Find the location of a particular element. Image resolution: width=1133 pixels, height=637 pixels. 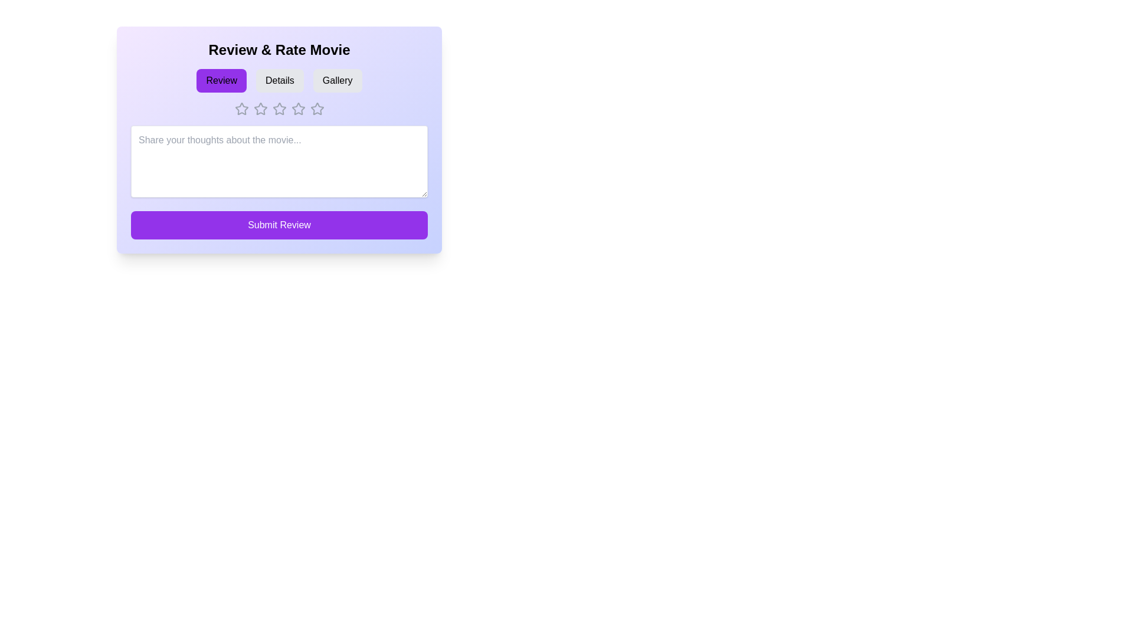

'Submit Review' button to submit the review is located at coordinates (279, 225).